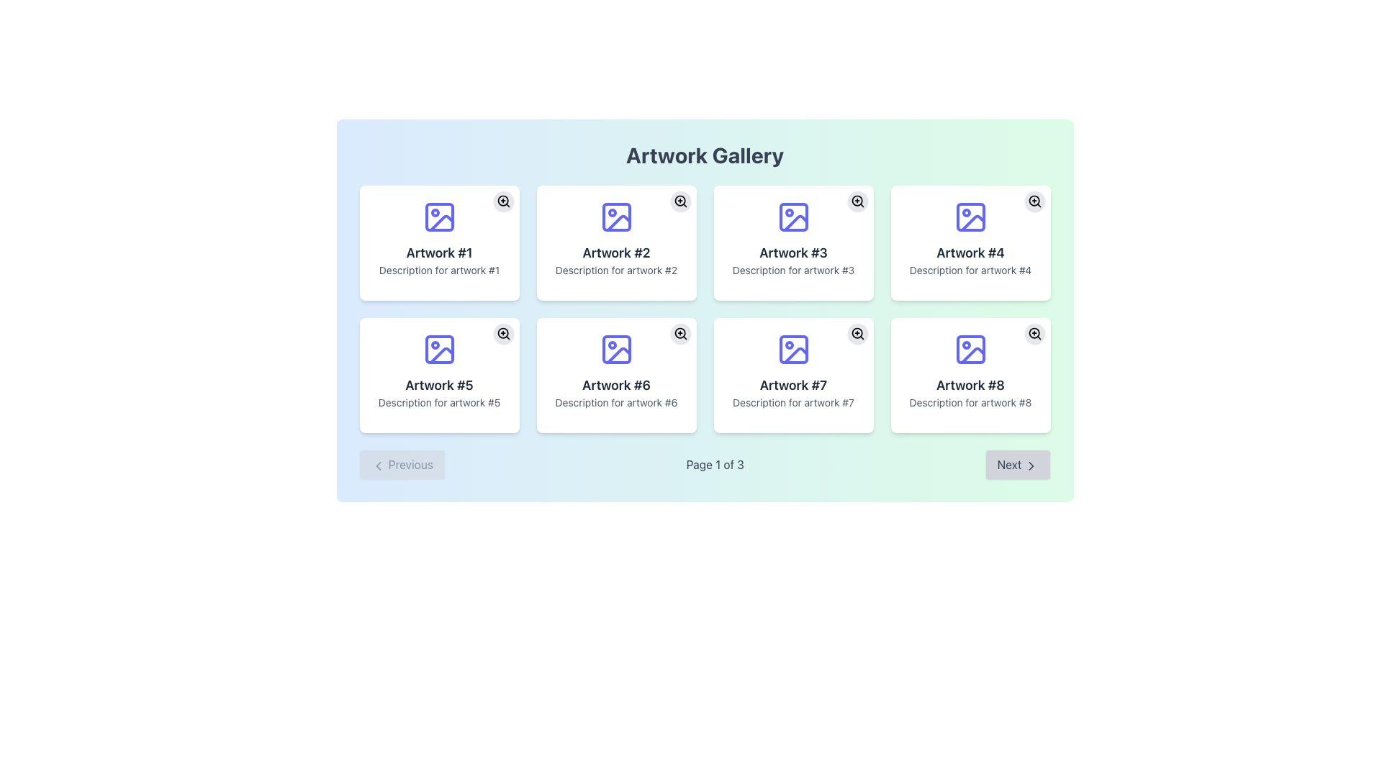 This screenshot has height=777, width=1382. What do you see at coordinates (503, 333) in the screenshot?
I see `the circular button with a magnifying glass icon located at the top-right corner of the card labeled 'Artwork #5'` at bounding box center [503, 333].